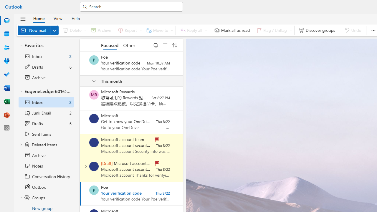 The image size is (377, 212). What do you see at coordinates (7, 101) in the screenshot?
I see `'Excel'` at bounding box center [7, 101].